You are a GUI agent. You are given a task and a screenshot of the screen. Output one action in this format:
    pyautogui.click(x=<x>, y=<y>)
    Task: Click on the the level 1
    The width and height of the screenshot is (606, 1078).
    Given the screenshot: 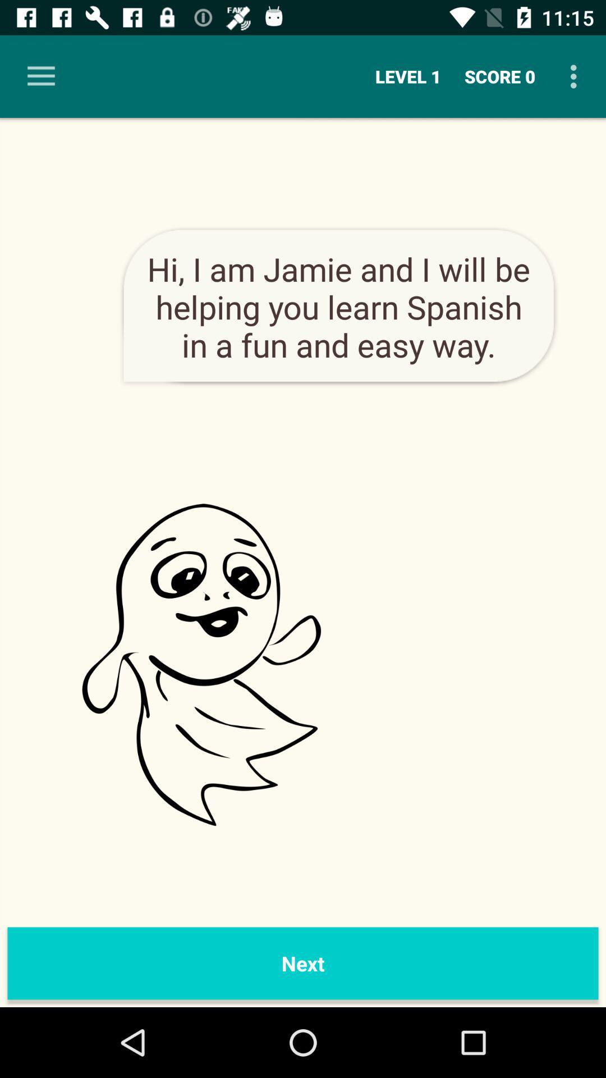 What is the action you would take?
    pyautogui.click(x=408, y=76)
    